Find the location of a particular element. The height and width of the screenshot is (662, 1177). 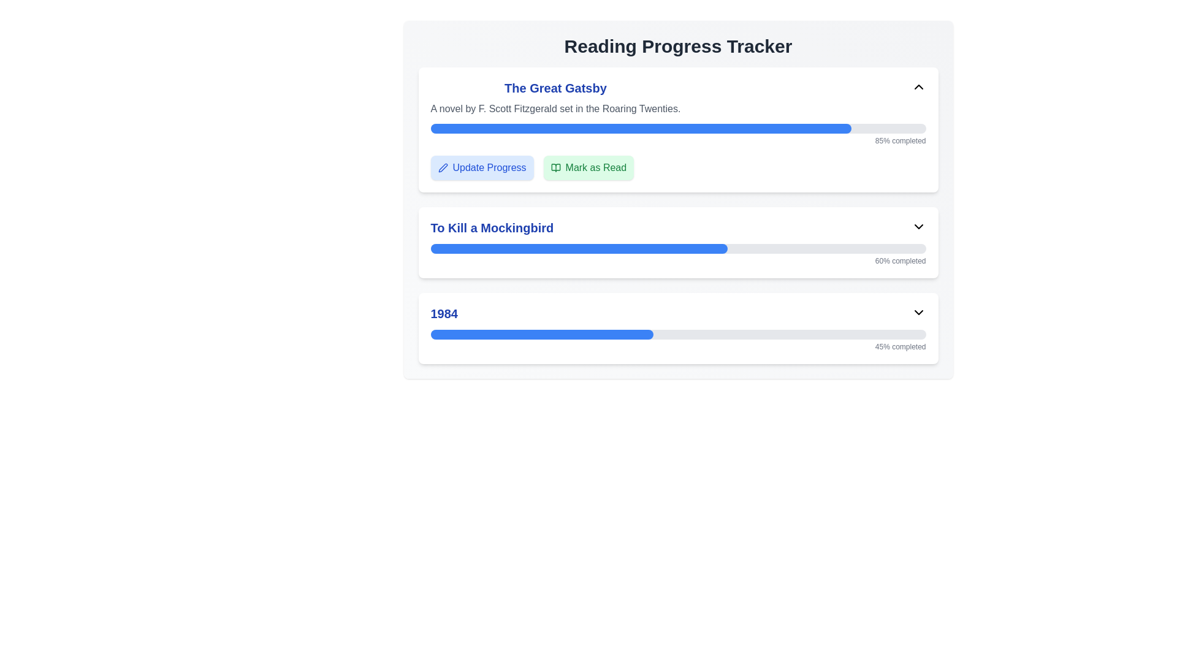

the decorative icon that marks a reading item as read, located to the right of the 'Update Progress' button under the progress bar for 'The Great Gatsby.' is located at coordinates (555, 167).